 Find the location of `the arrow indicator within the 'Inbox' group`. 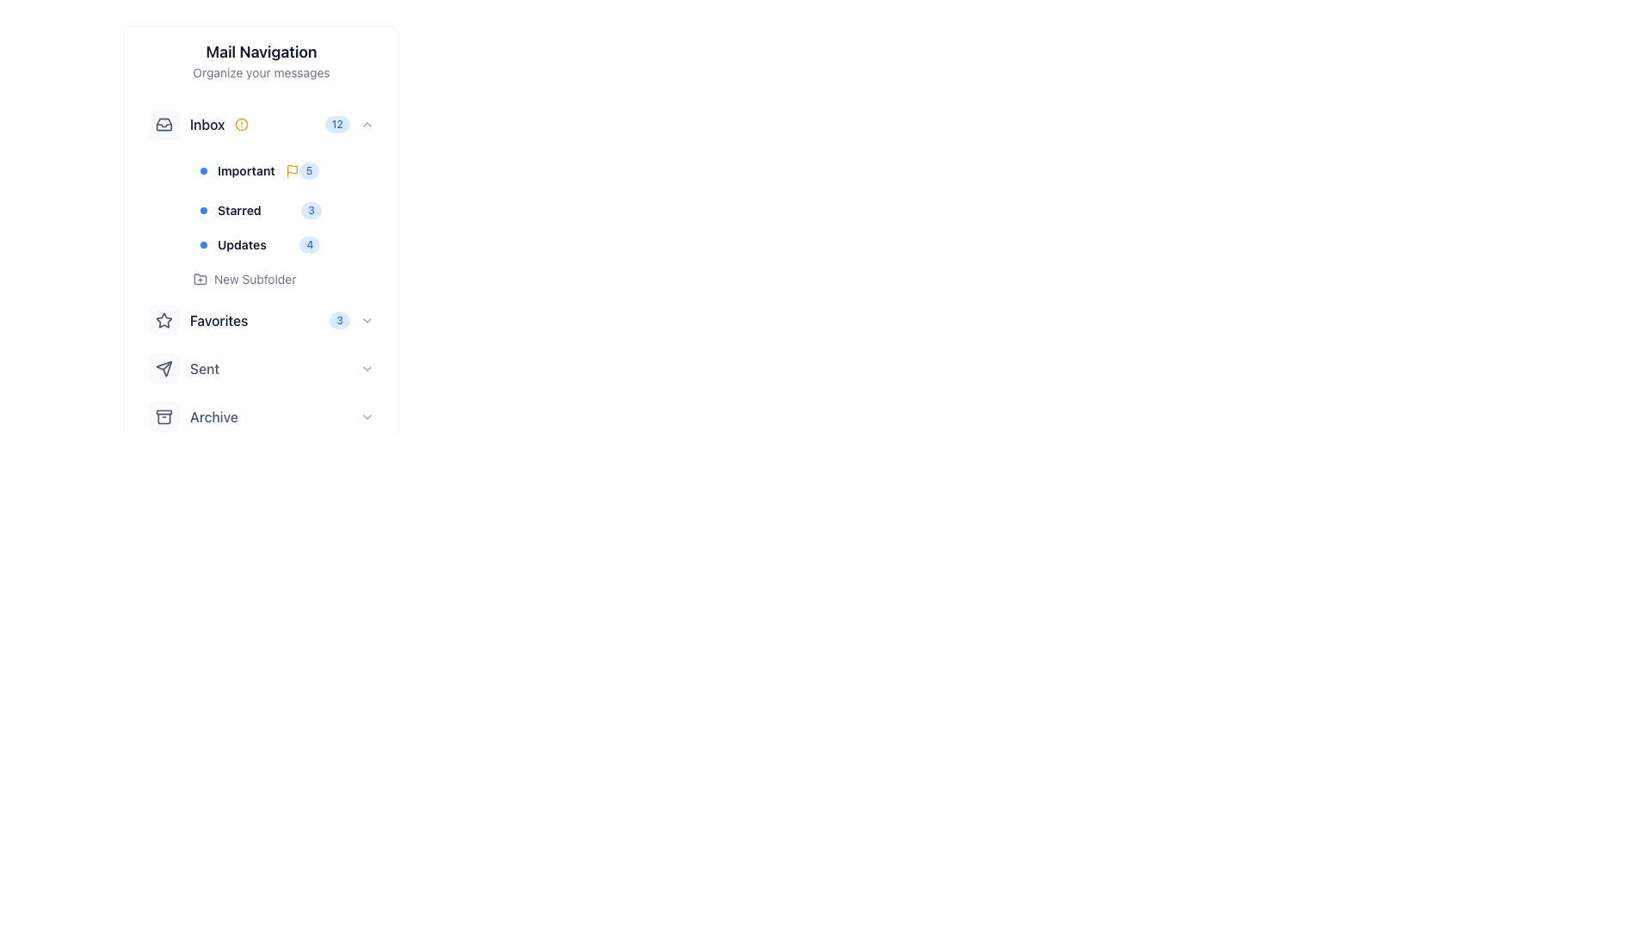

the arrow indicator within the 'Inbox' group is located at coordinates (164, 125).